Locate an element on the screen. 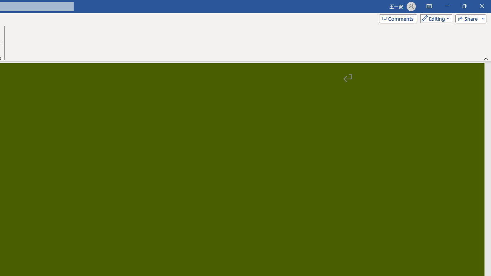 This screenshot has width=491, height=276. 'Minimize' is located at coordinates (447, 6).